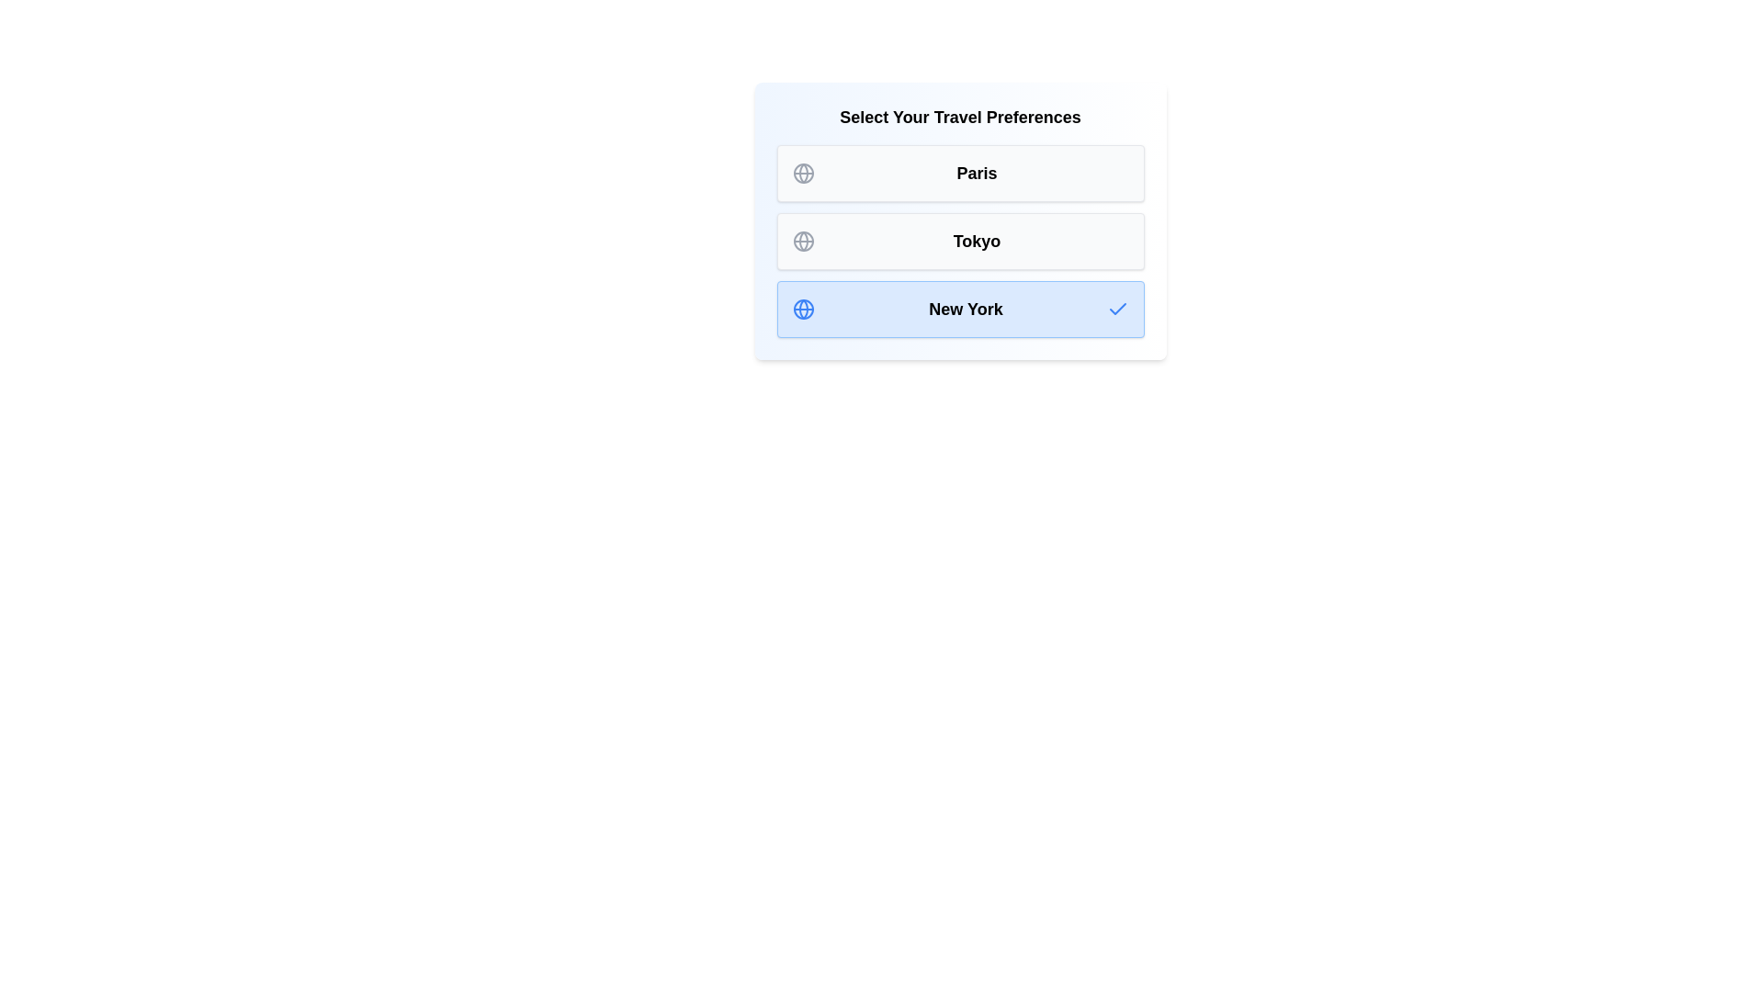 The image size is (1764, 992). Describe the element at coordinates (959, 240) in the screenshot. I see `the destination Tokyo to observe the hover effect` at that location.